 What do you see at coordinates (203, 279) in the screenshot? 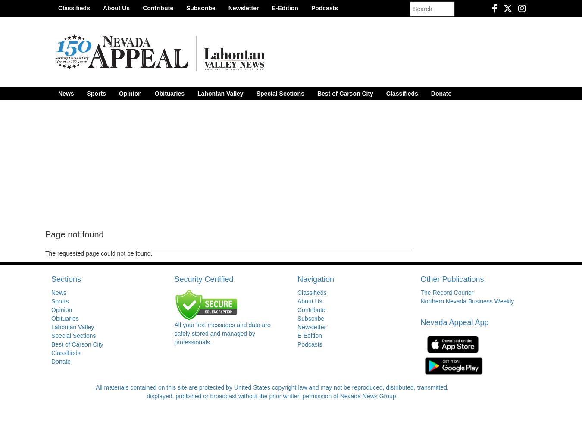
I see `'Security Certified'` at bounding box center [203, 279].